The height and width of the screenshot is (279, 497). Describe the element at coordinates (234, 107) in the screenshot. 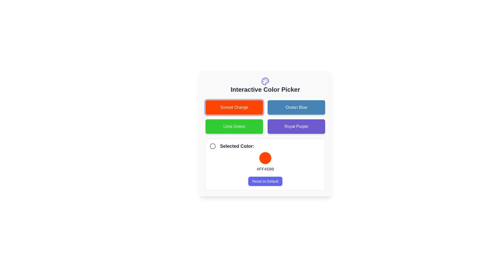

I see `static text element that displays 'Sunset Orange', which is centrally located within an orange background on the color selection interface` at that location.